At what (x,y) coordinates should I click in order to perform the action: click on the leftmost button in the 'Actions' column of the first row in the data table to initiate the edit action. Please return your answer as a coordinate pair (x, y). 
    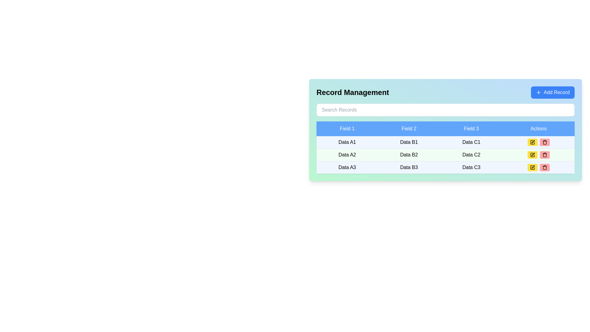
    Looking at the image, I should click on (532, 142).